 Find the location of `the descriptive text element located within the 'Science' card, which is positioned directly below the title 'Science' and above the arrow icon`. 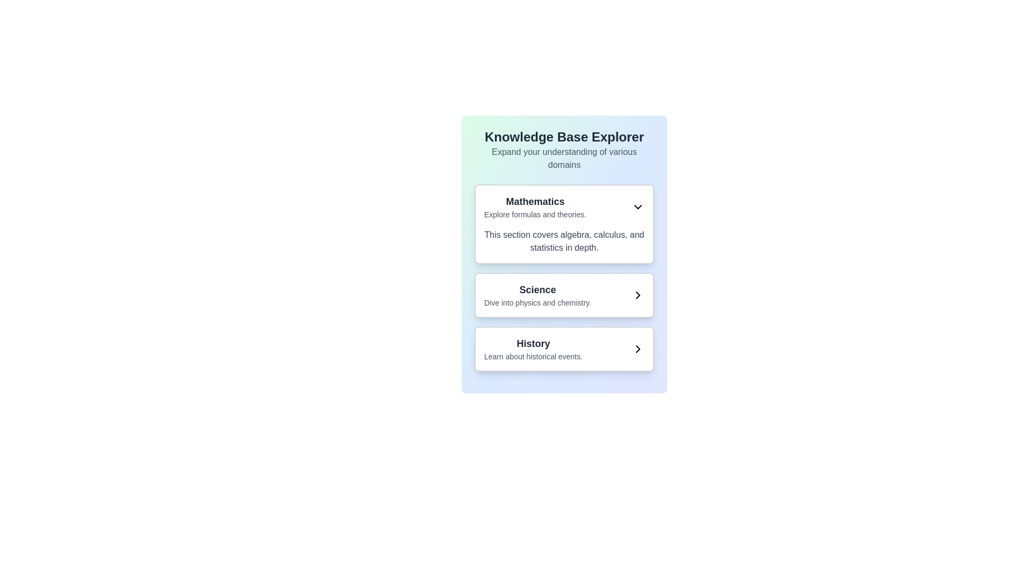

the descriptive text element located within the 'Science' card, which is positioned directly below the title 'Science' and above the arrow icon is located at coordinates (537, 303).